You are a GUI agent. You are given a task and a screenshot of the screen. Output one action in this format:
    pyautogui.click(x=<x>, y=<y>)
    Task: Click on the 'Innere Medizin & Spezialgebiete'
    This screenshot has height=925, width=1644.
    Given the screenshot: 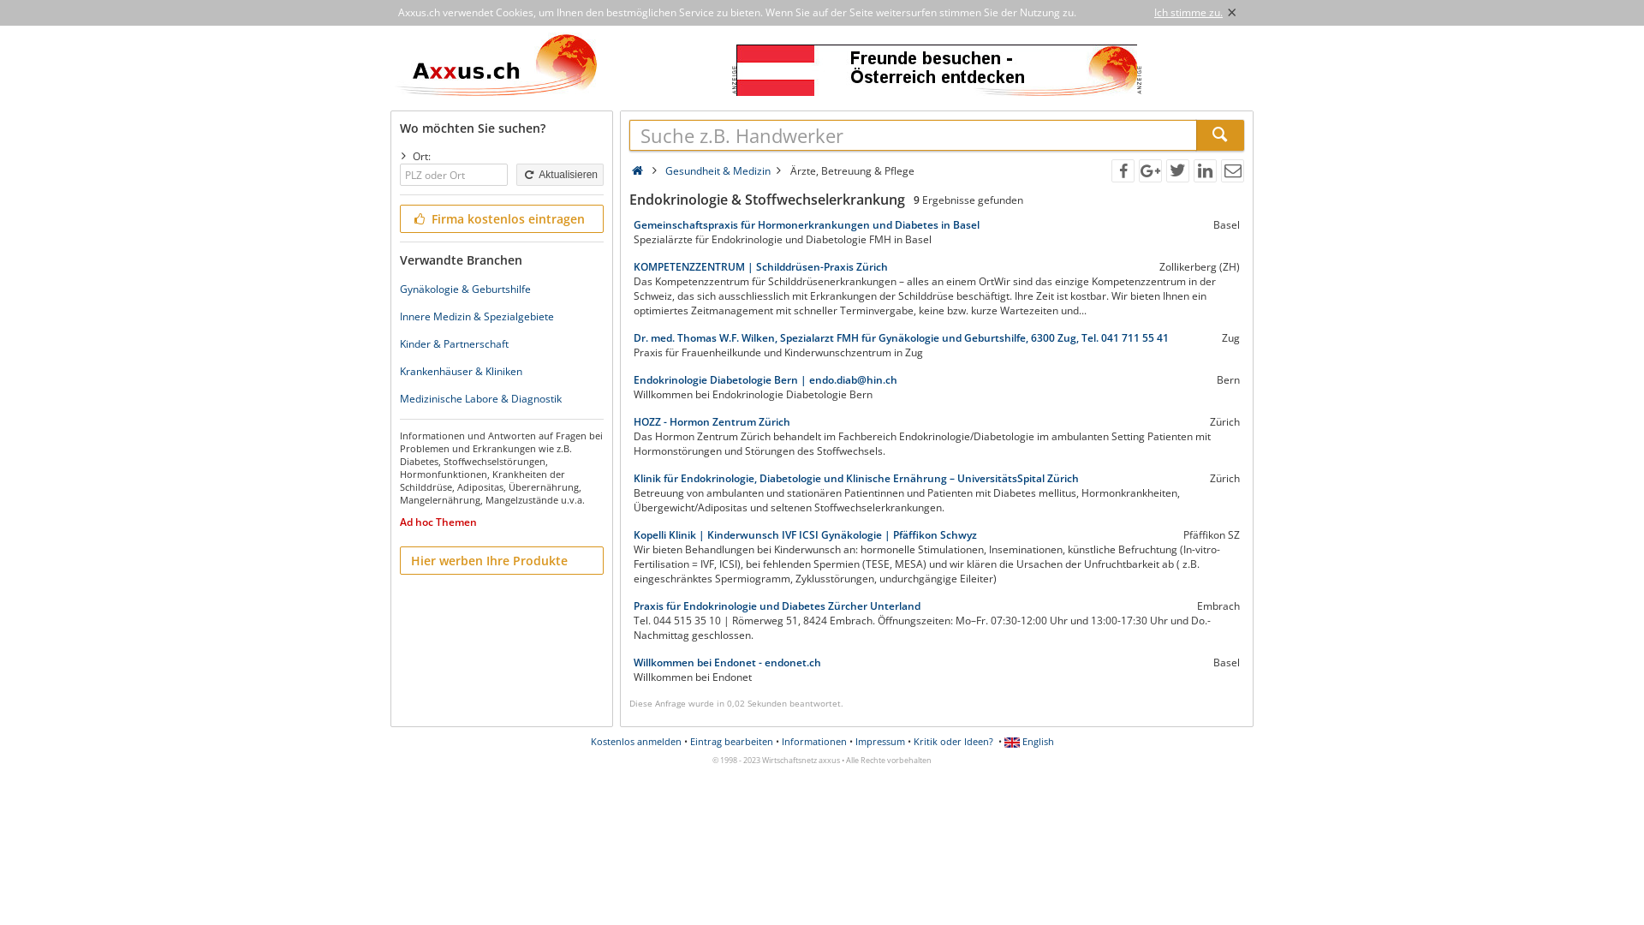 What is the action you would take?
    pyautogui.click(x=476, y=316)
    